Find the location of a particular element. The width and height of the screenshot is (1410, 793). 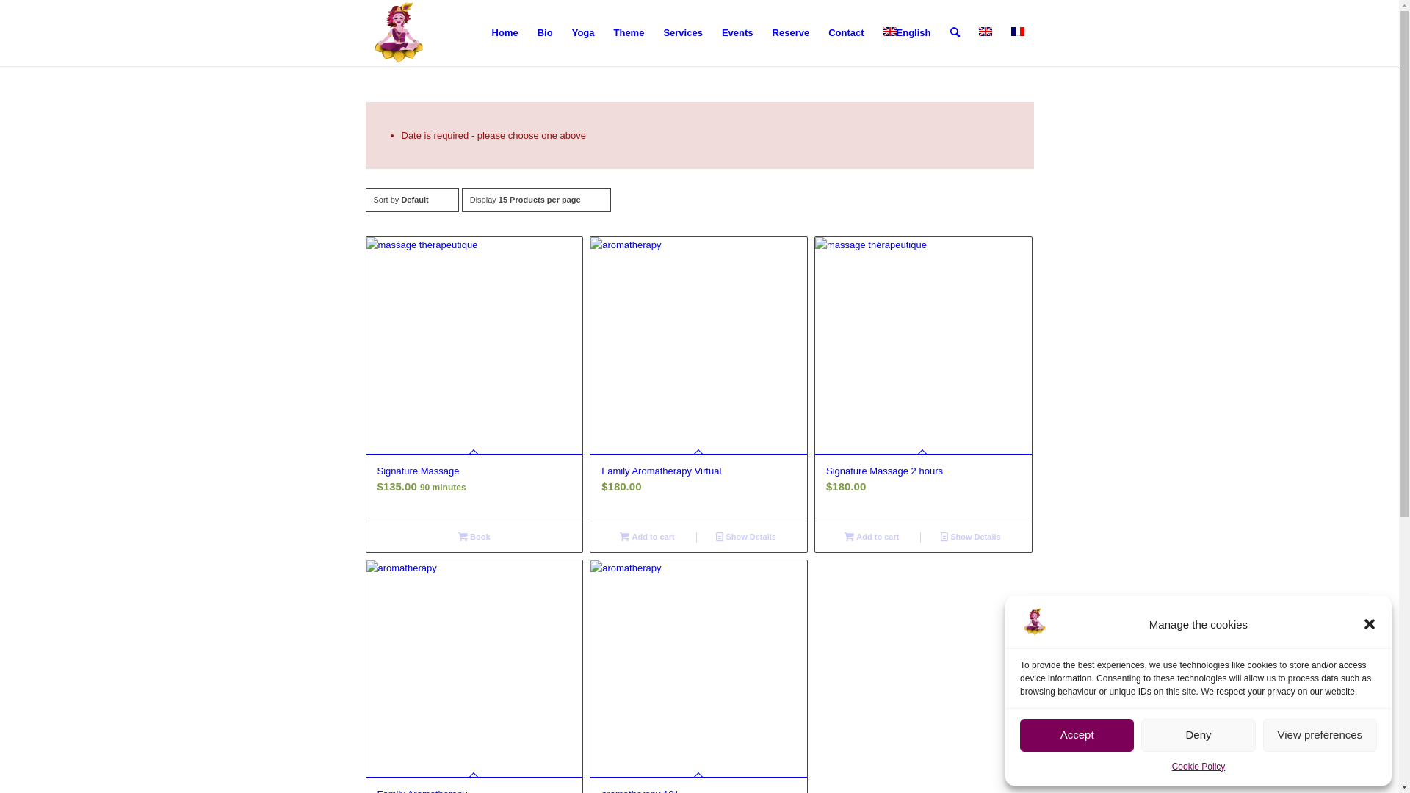

'Bio' is located at coordinates (544, 33).